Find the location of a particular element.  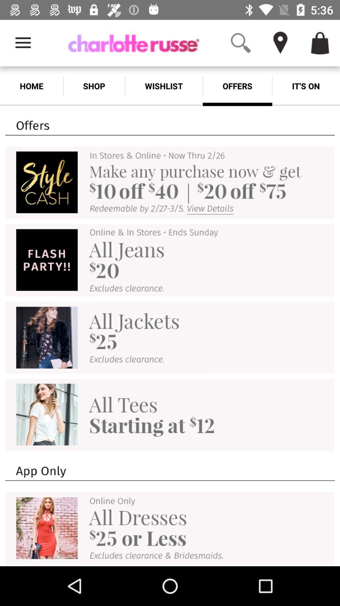

item to the left of the it's on is located at coordinates (237, 86).